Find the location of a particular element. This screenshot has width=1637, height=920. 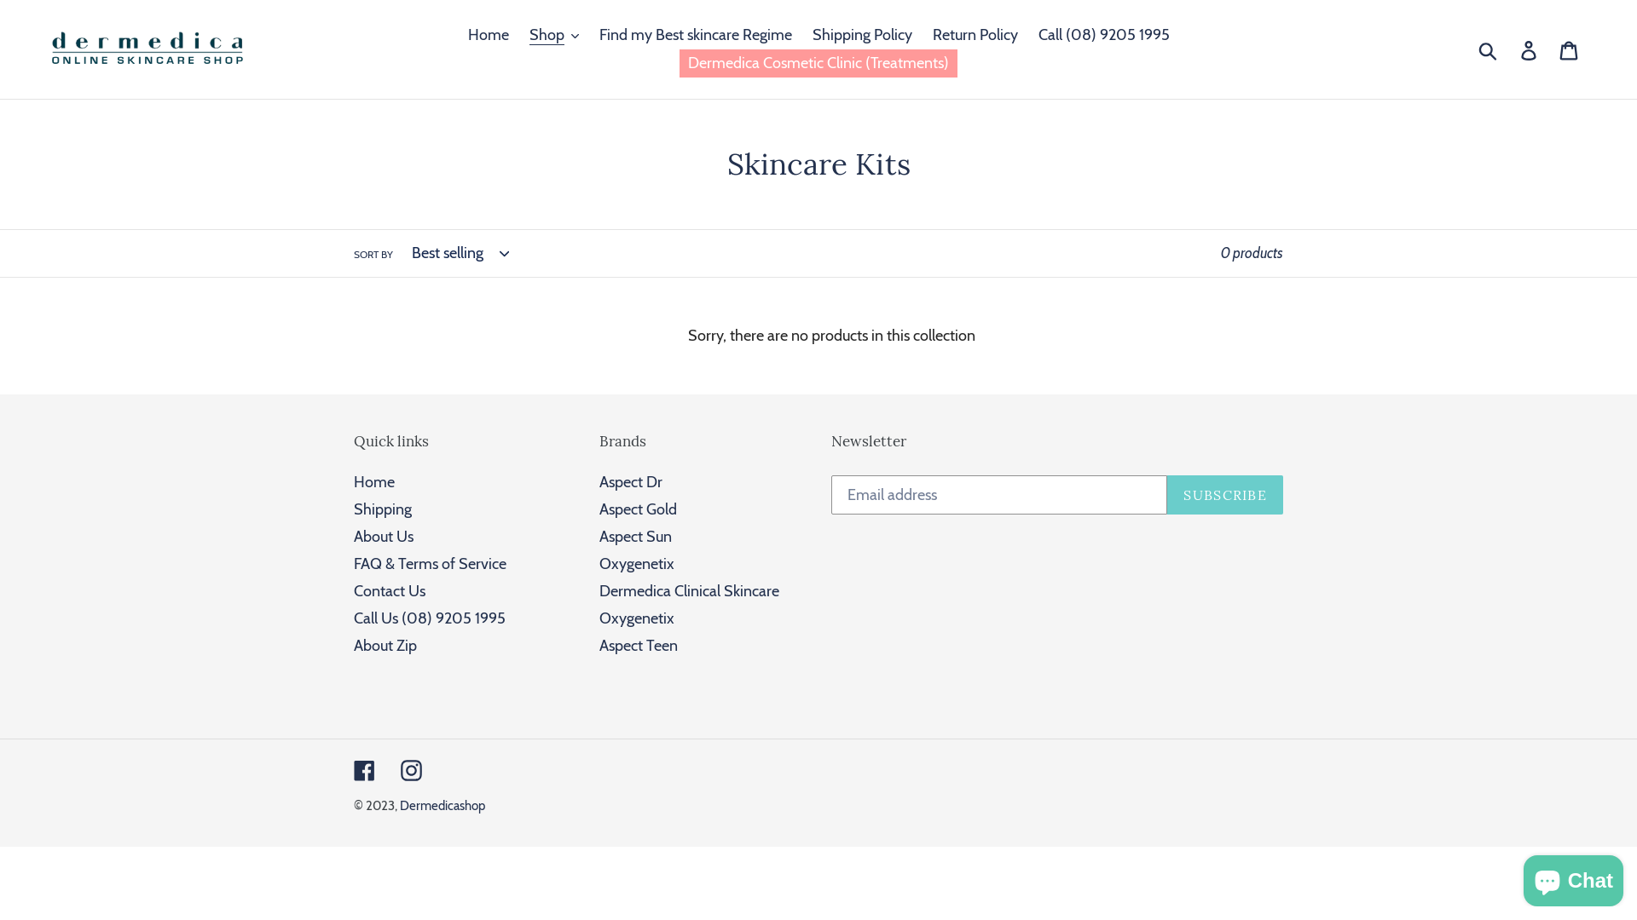

'Instagram' is located at coordinates (400, 768).